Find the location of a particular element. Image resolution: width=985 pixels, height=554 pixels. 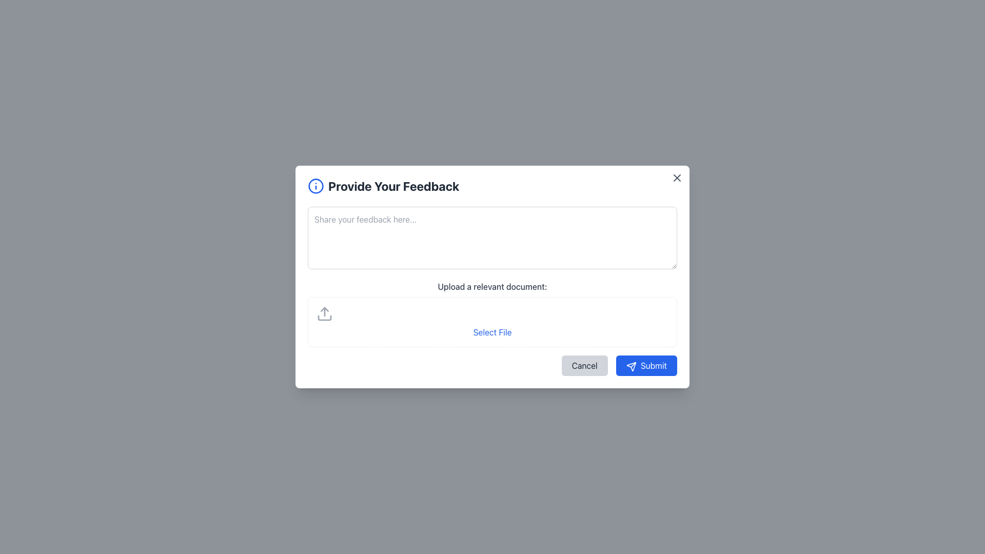

the paper plane icon embedded within the blue 'Submit' button, located on the right side of the modal footer is located at coordinates (631, 366).